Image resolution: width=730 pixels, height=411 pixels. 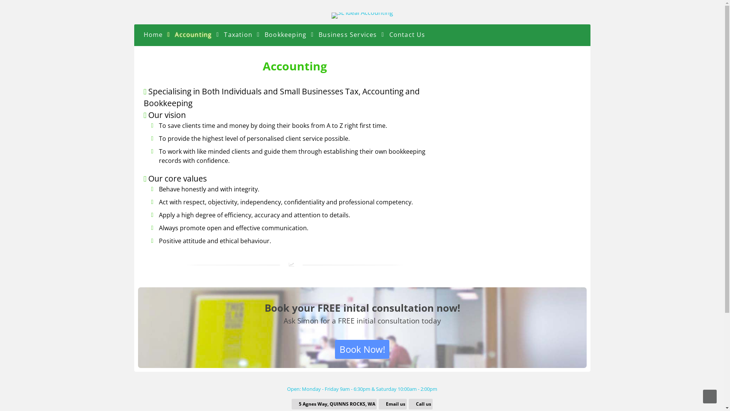 I want to click on 'Email us', so click(x=393, y=403).